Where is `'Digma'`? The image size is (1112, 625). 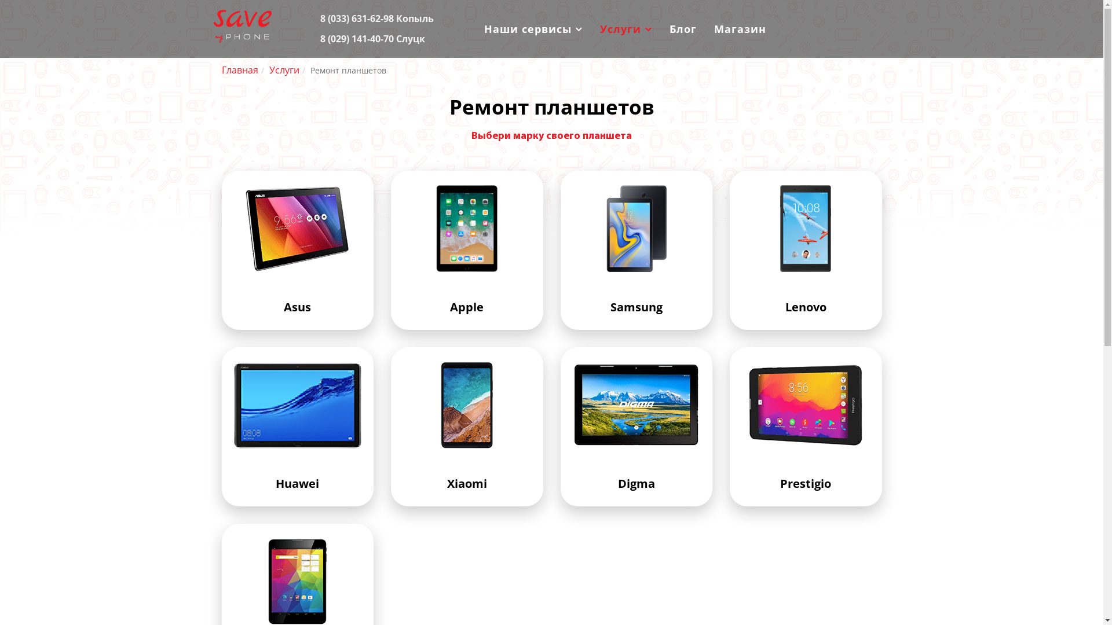
'Digma' is located at coordinates (572, 404).